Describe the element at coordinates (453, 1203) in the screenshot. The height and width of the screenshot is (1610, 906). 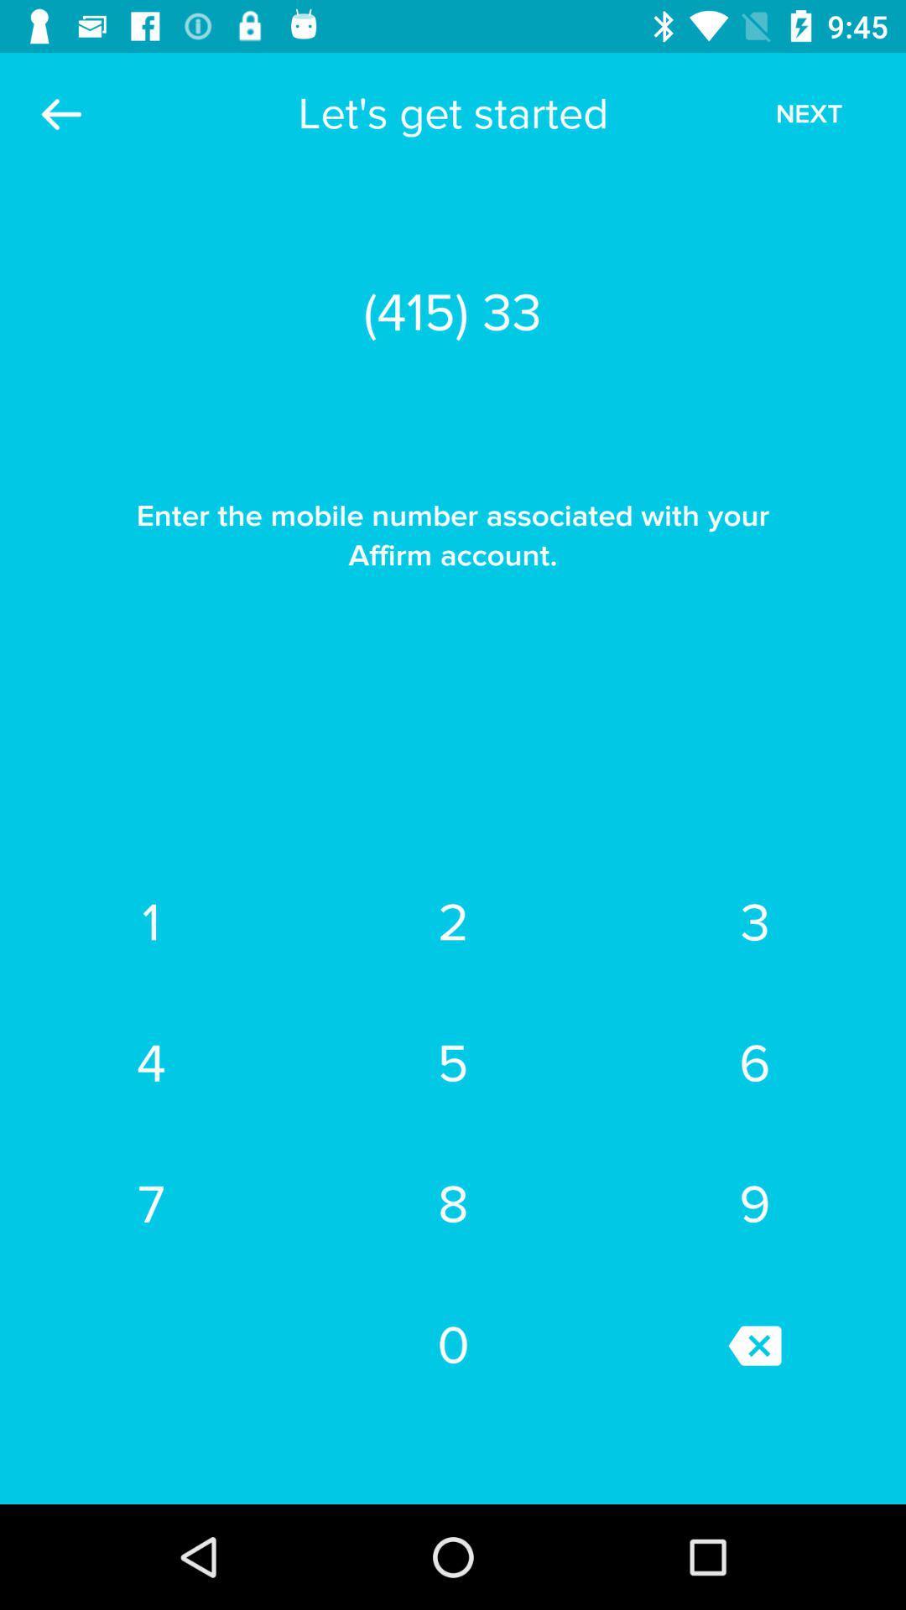
I see `the icon next to 6 item` at that location.